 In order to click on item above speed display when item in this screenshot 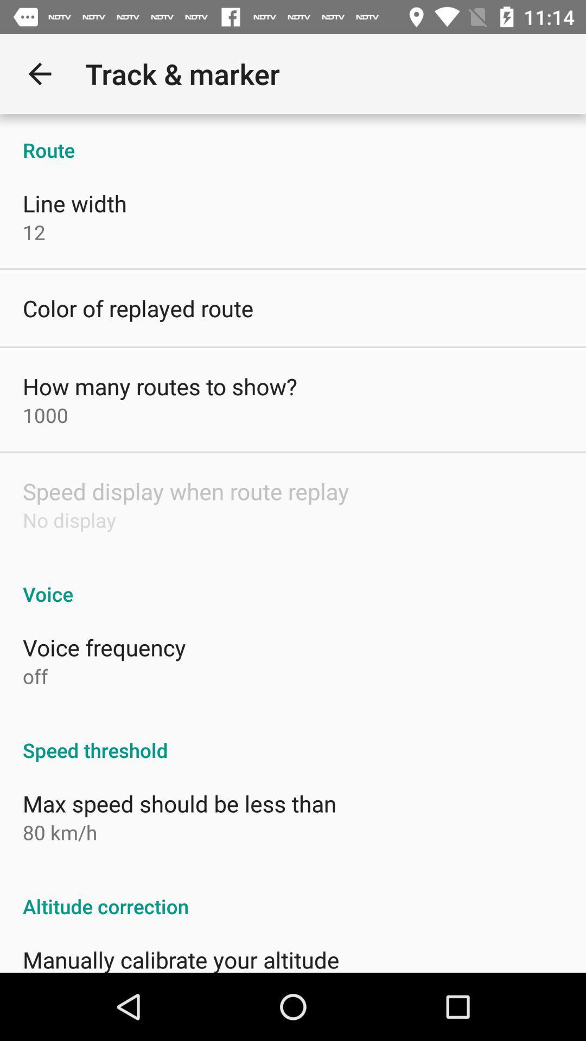, I will do `click(45, 414)`.